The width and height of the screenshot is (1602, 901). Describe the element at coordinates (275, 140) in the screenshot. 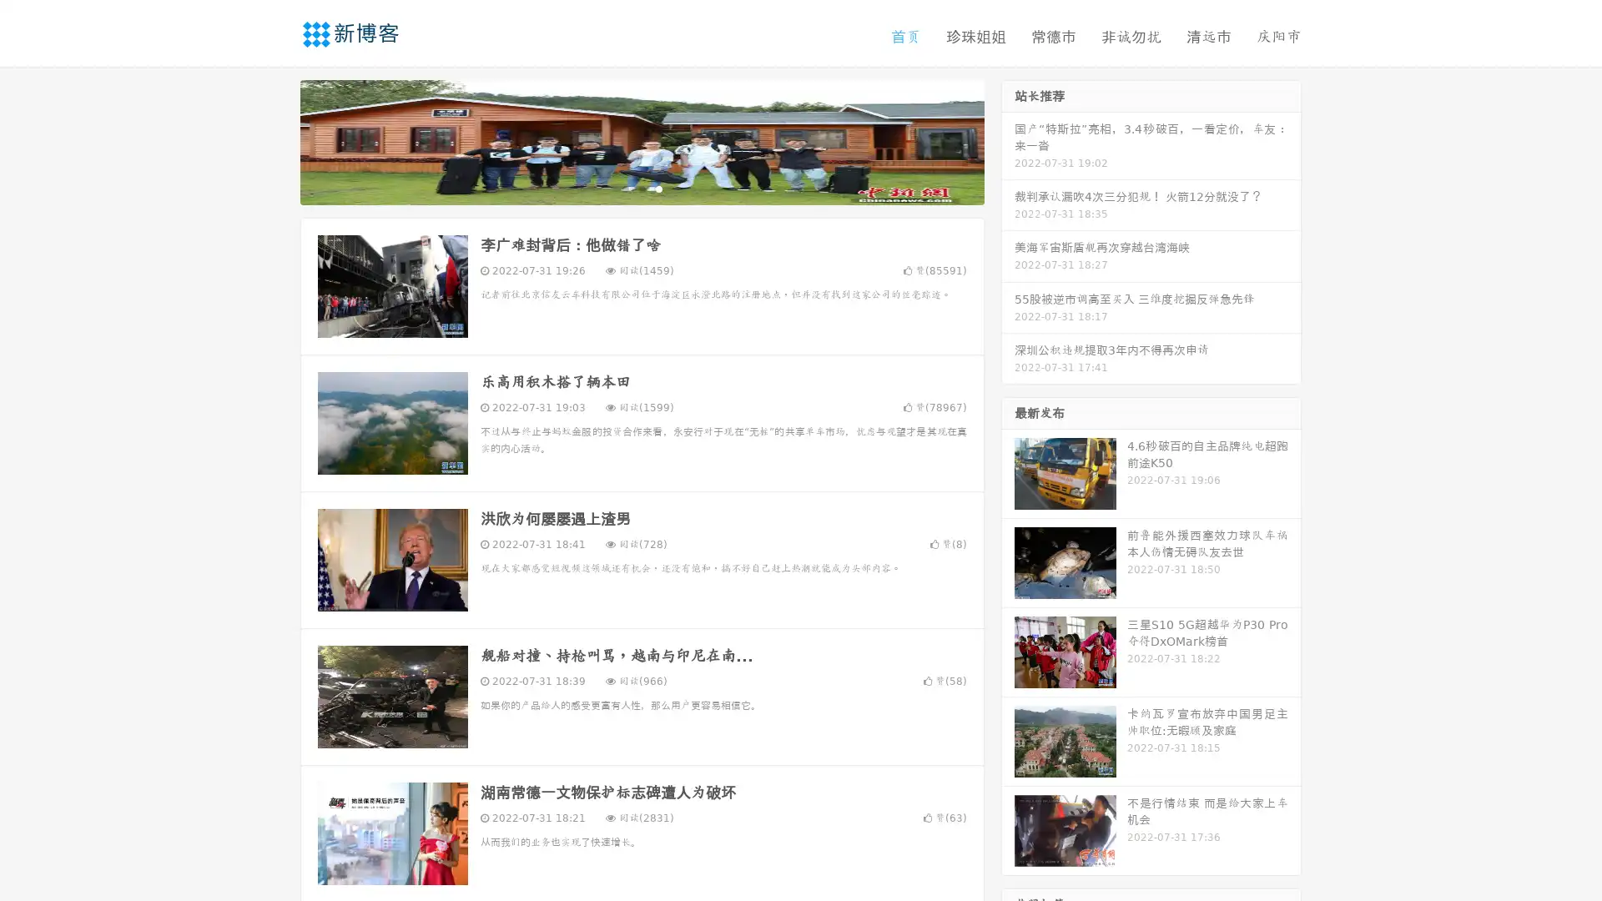

I see `Previous slide` at that location.